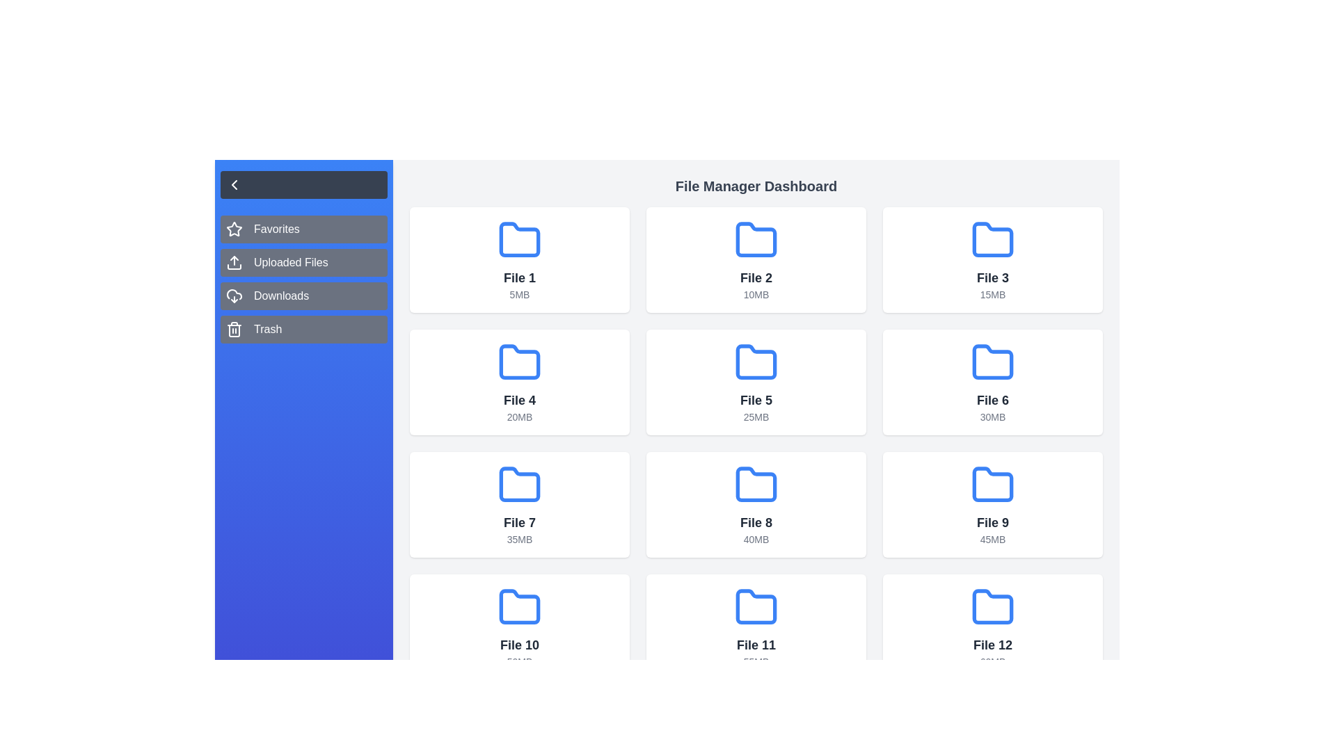 This screenshot has height=751, width=1336. Describe the element at coordinates (303, 330) in the screenshot. I see `the category Trash from the sidebar menu` at that location.